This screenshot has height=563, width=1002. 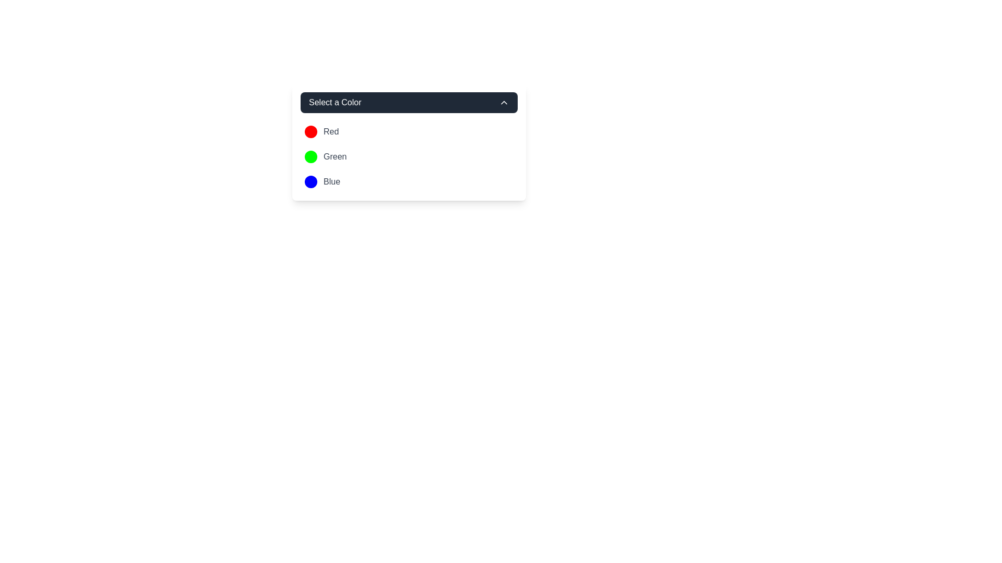 I want to click on the dropdown toggle button located at the top of the white card component, so click(x=408, y=102).